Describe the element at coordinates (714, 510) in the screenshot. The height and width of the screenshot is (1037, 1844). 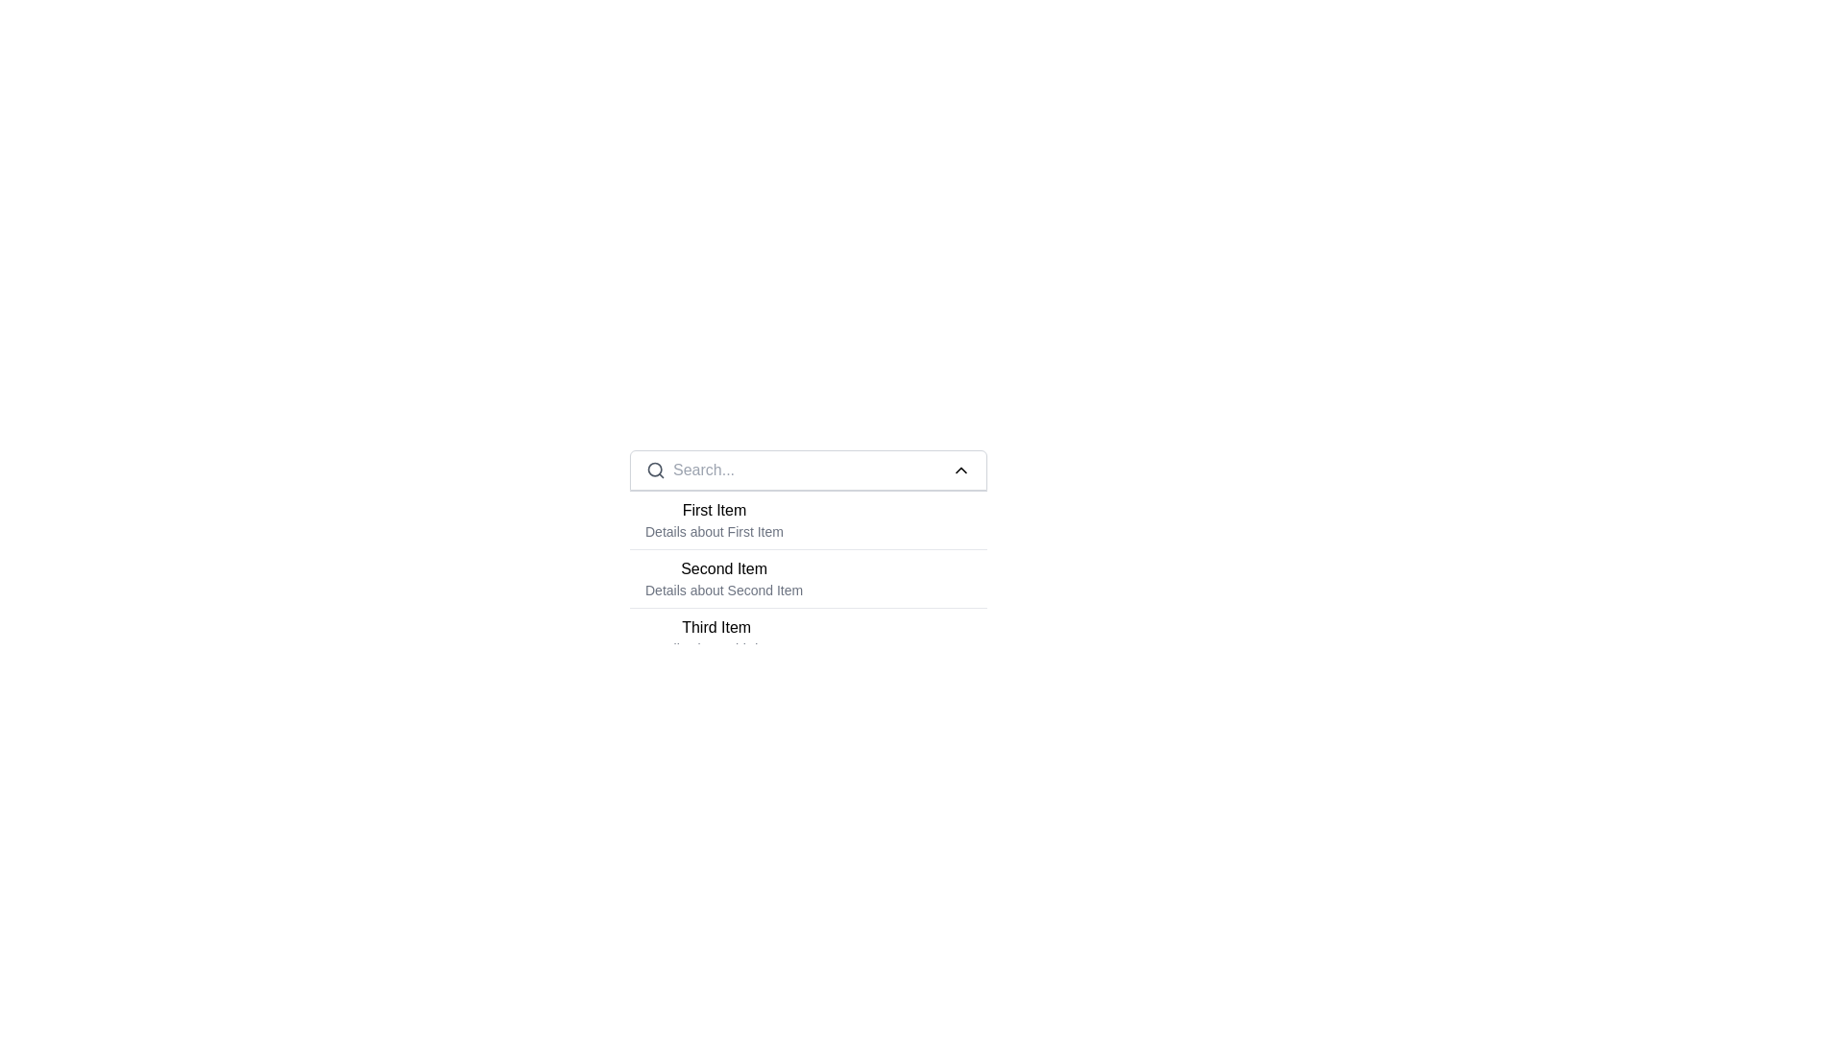
I see `the text label reading 'First Item', which is styled in bold and located at the top of a list below a search bar` at that location.